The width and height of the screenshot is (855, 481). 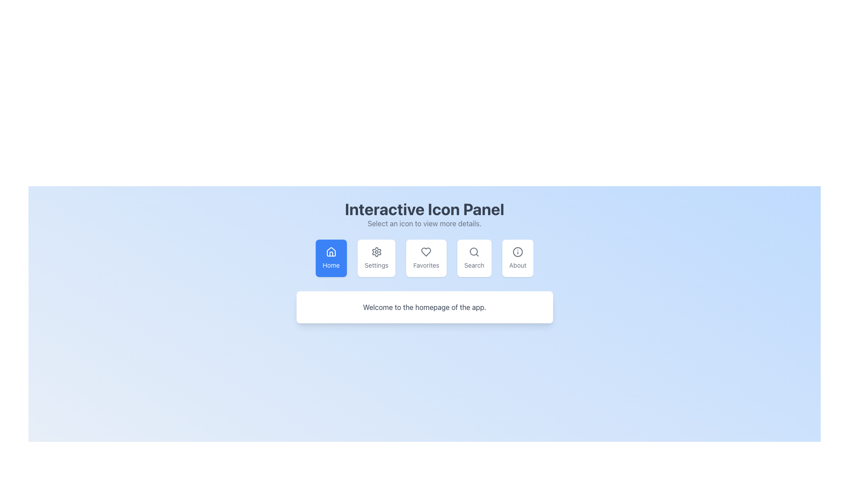 What do you see at coordinates (424, 223) in the screenshot?
I see `the static text reading 'Select an icon` at bounding box center [424, 223].